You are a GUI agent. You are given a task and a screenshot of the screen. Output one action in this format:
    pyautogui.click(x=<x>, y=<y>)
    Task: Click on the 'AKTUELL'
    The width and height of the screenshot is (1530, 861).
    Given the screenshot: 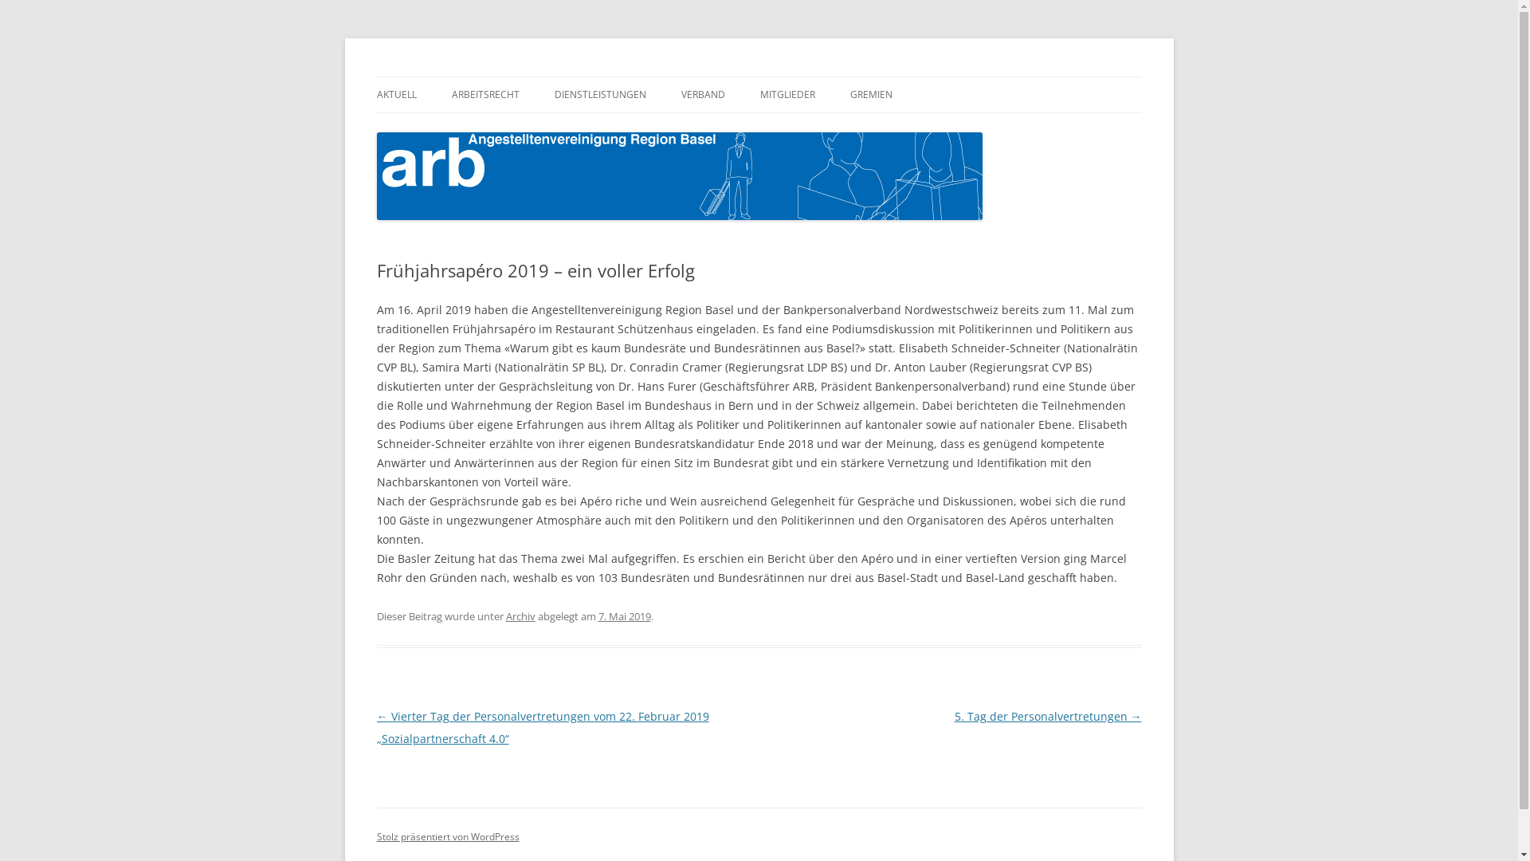 What is the action you would take?
    pyautogui.click(x=396, y=95)
    